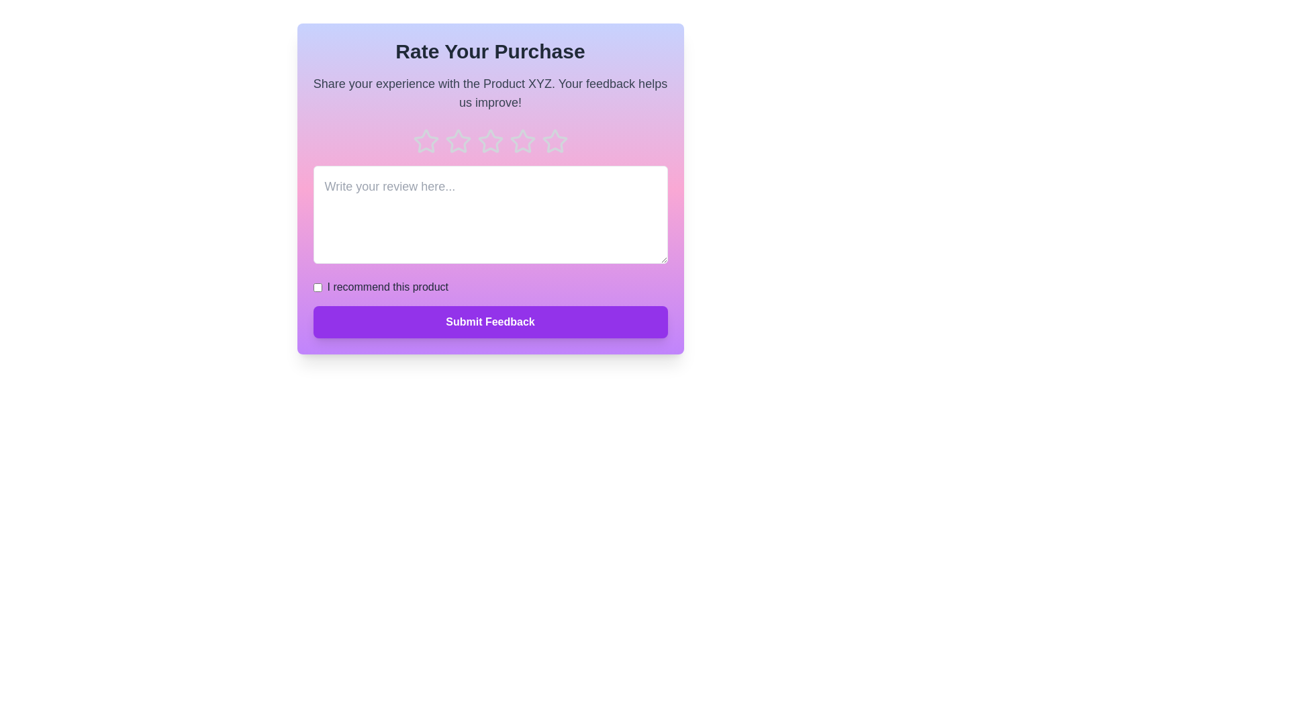 This screenshot has height=725, width=1289. I want to click on the star corresponding to the rating 1, so click(425, 142).